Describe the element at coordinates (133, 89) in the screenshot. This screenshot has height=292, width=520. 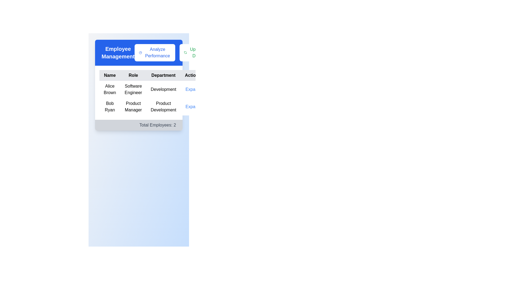
I see `the text display that shows the job title for the individual 'Alice Brown' in the table, located in the second column of the first row under the 'Role' header` at that location.